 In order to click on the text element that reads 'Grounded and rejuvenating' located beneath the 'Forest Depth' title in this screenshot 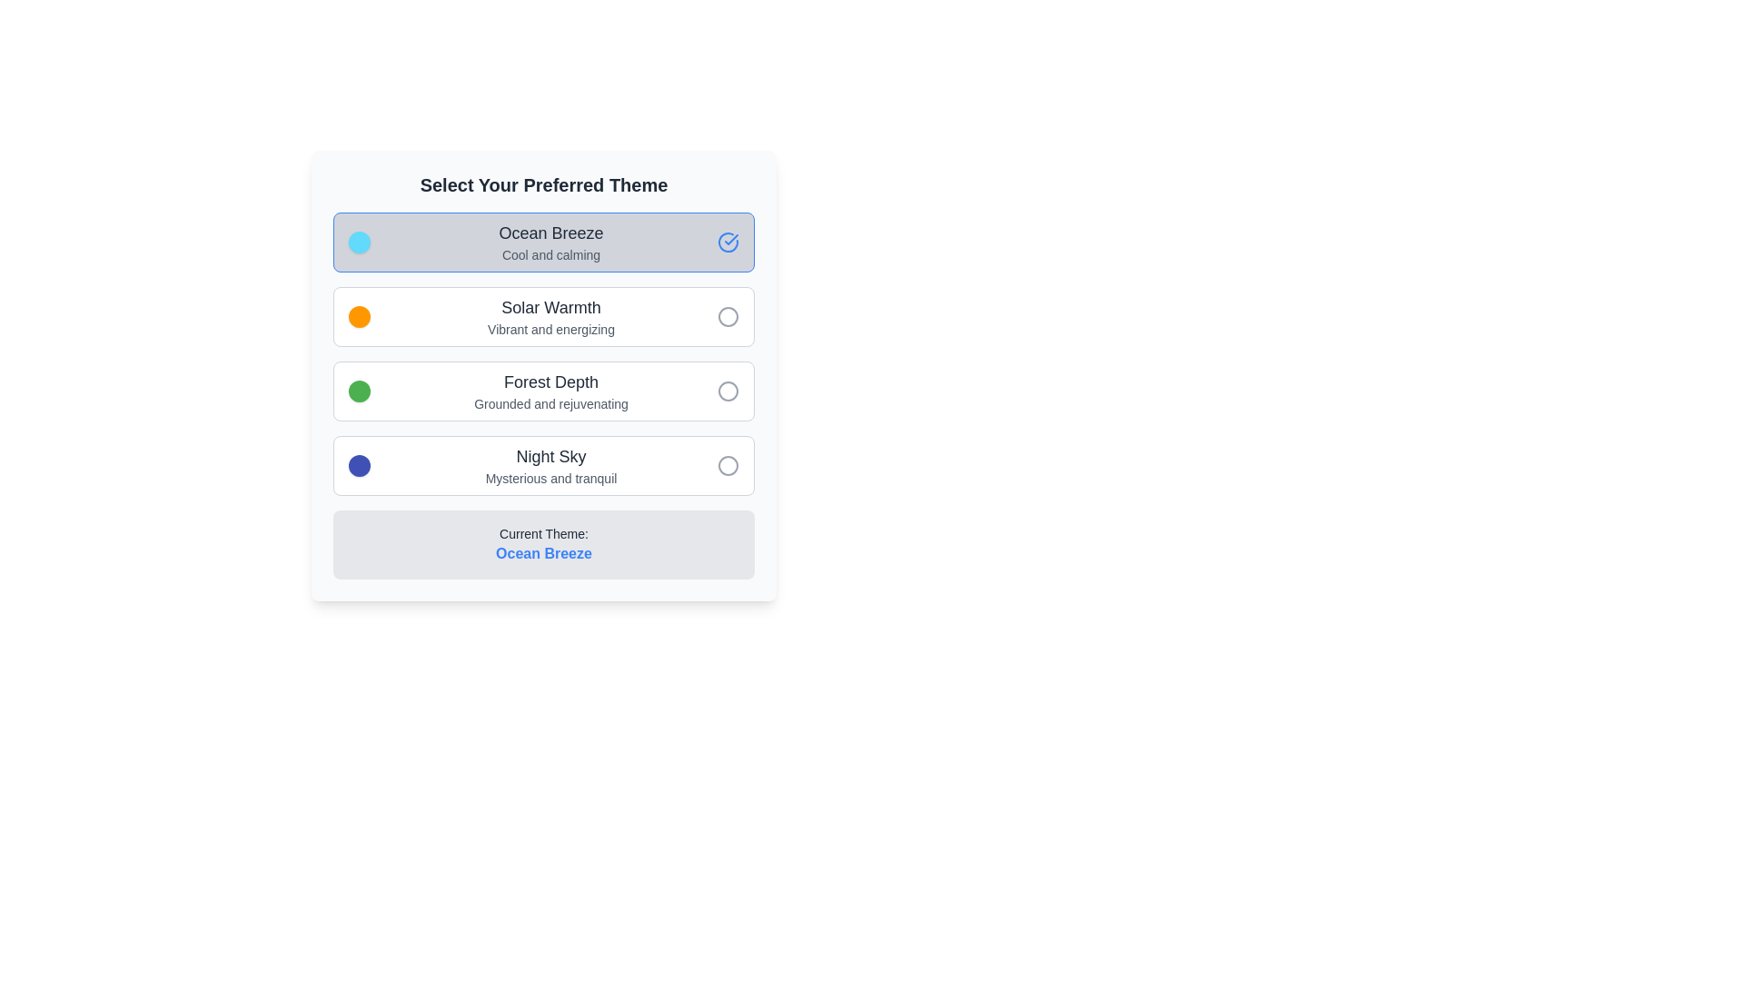, I will do `click(550, 402)`.